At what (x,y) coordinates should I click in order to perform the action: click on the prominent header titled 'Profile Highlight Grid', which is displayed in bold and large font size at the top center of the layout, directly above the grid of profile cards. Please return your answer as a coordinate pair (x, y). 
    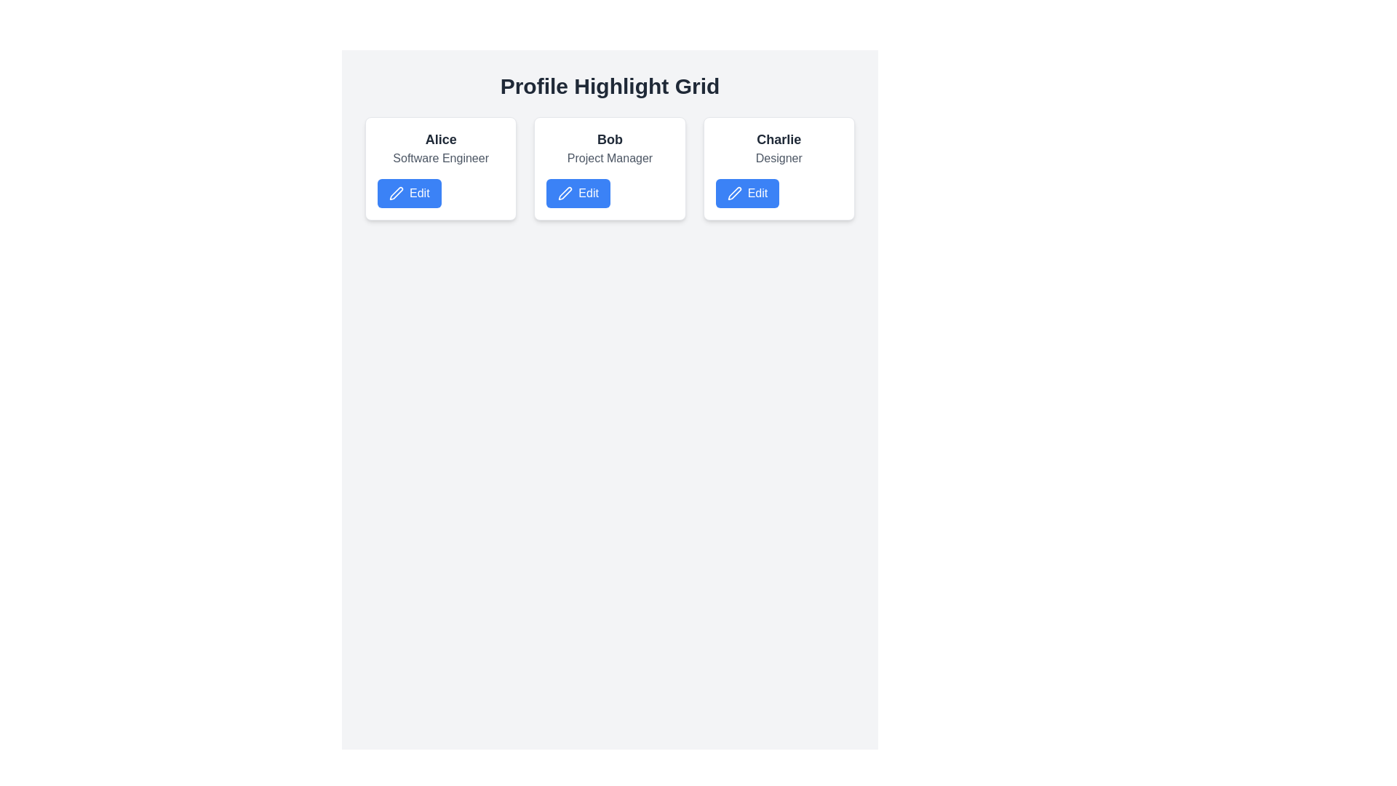
    Looking at the image, I should click on (610, 87).